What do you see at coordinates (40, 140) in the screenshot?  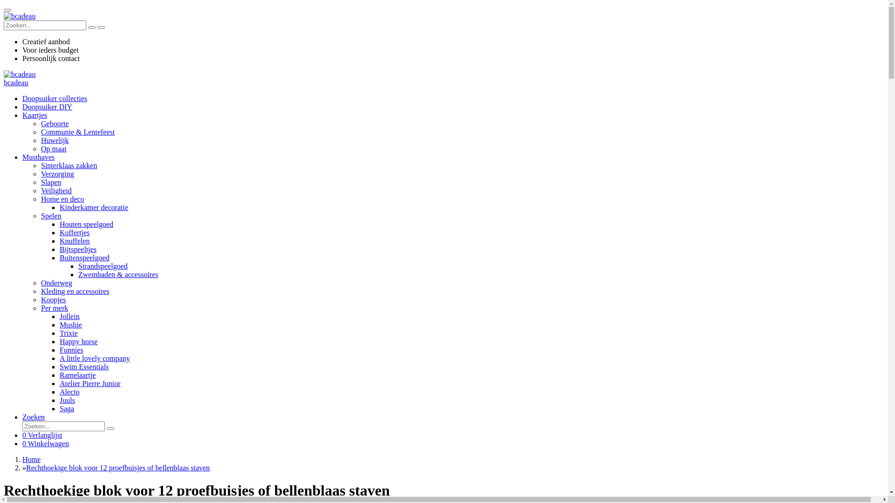 I see `'Huwelijk'` at bounding box center [40, 140].